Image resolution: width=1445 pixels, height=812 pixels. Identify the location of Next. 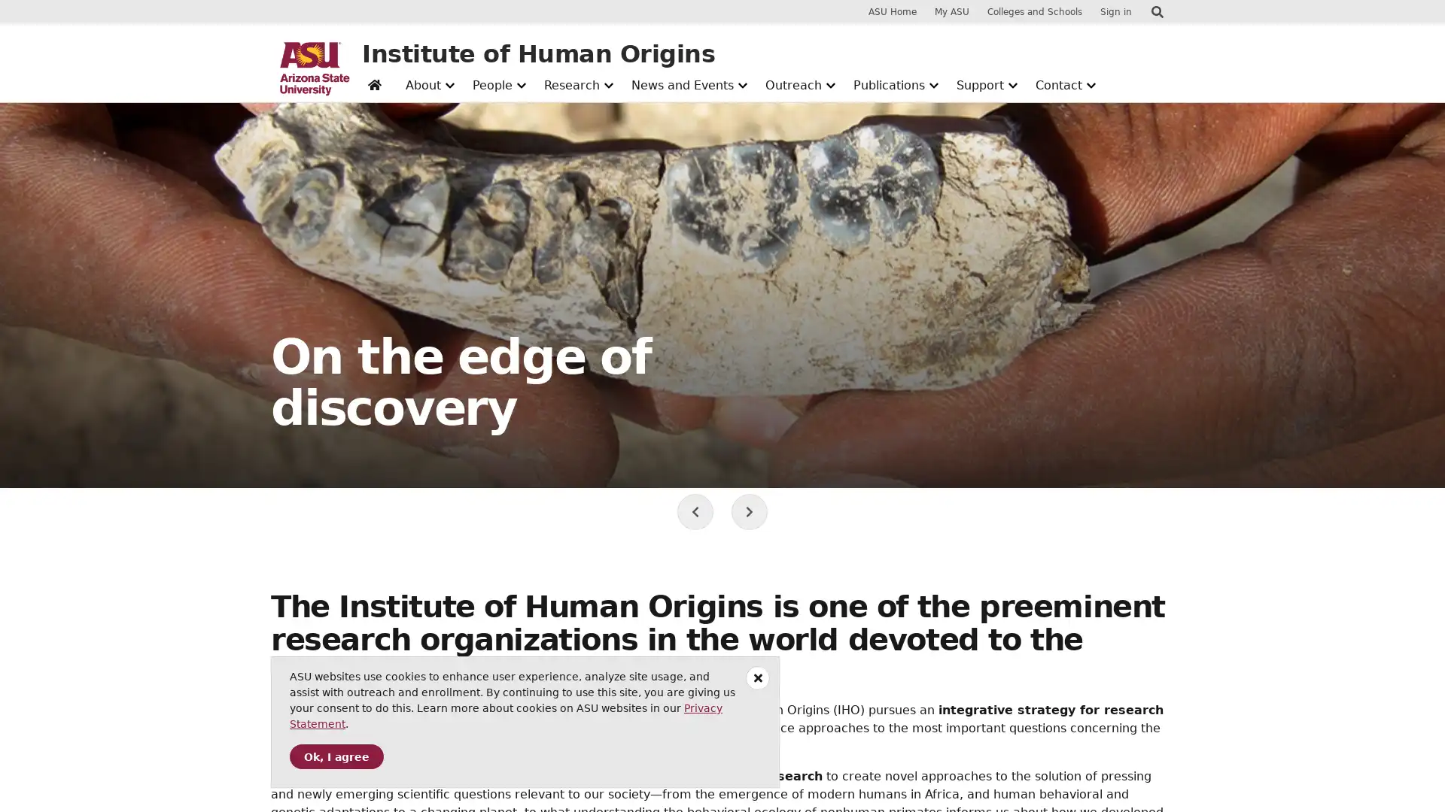
(750, 511).